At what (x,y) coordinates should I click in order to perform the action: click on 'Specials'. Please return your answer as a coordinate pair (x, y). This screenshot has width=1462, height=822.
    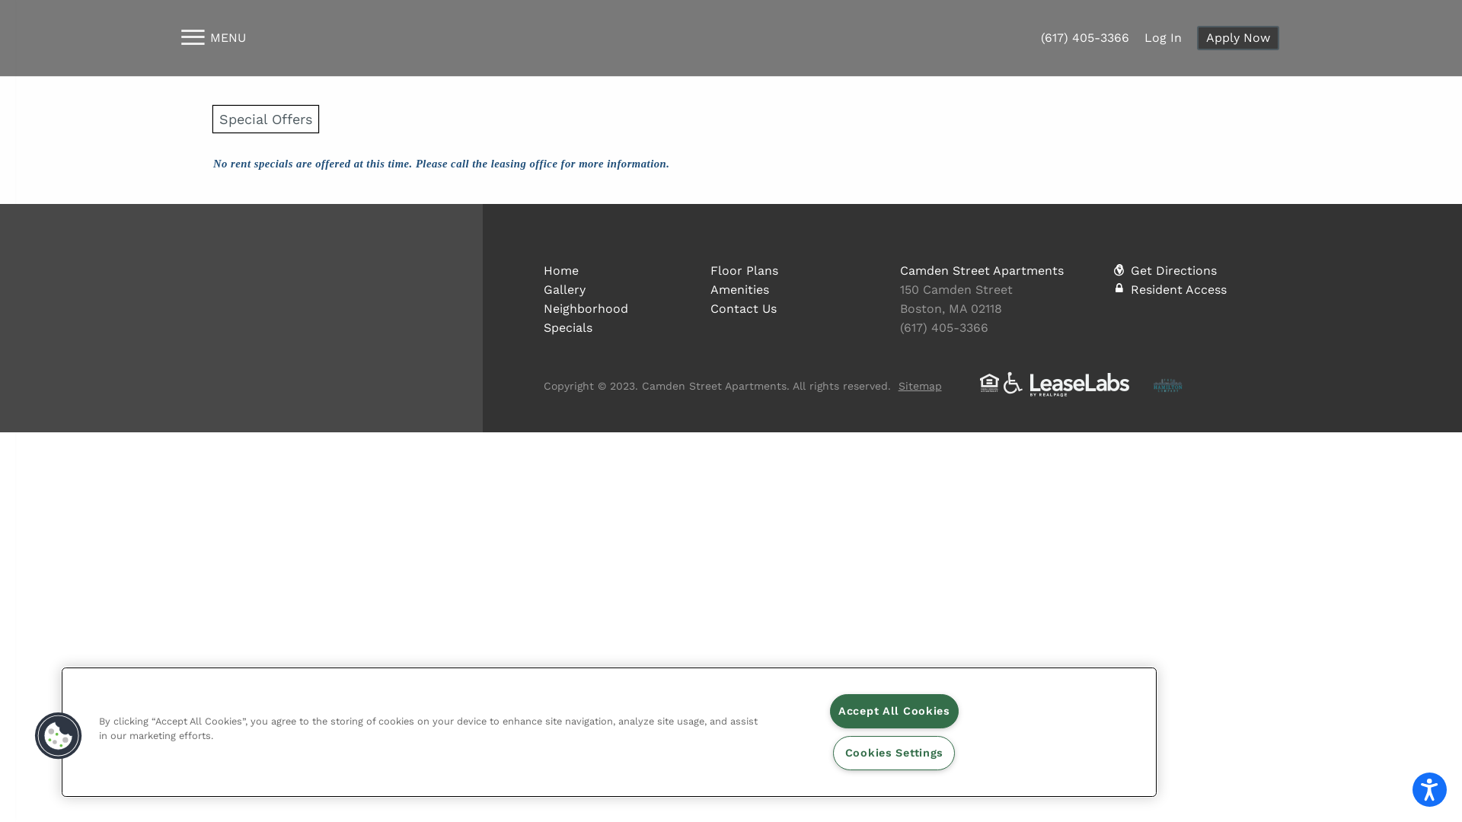
    Looking at the image, I should click on (544, 327).